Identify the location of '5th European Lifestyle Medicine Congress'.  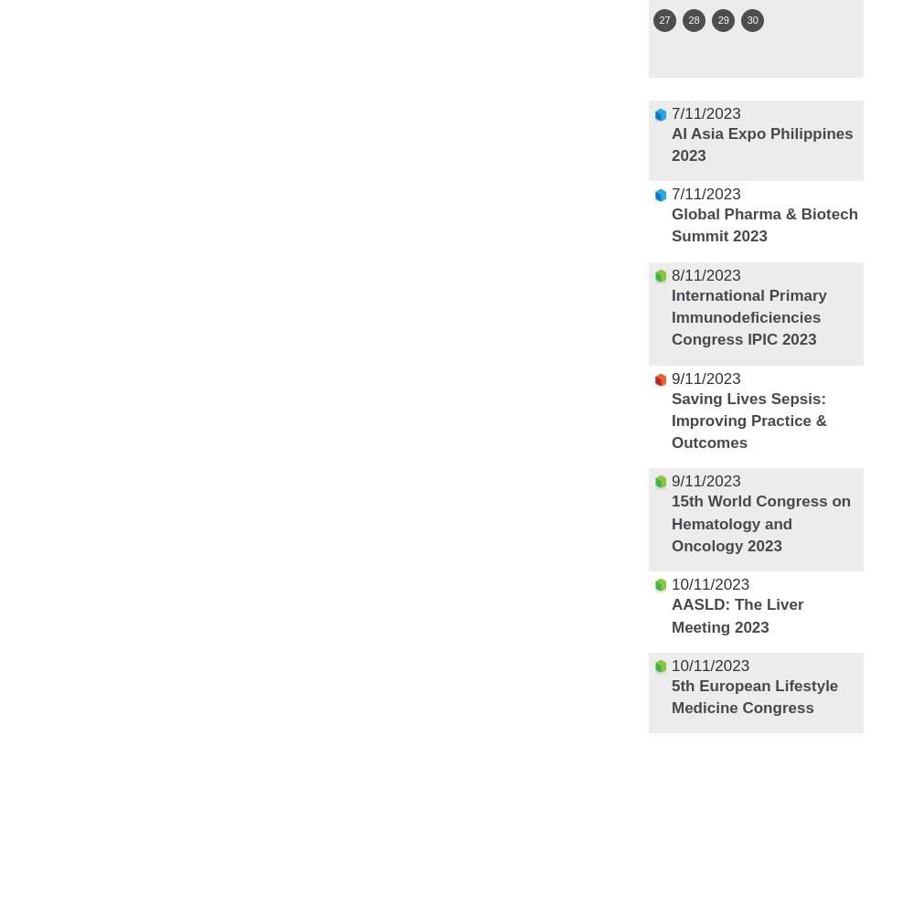
(754, 695).